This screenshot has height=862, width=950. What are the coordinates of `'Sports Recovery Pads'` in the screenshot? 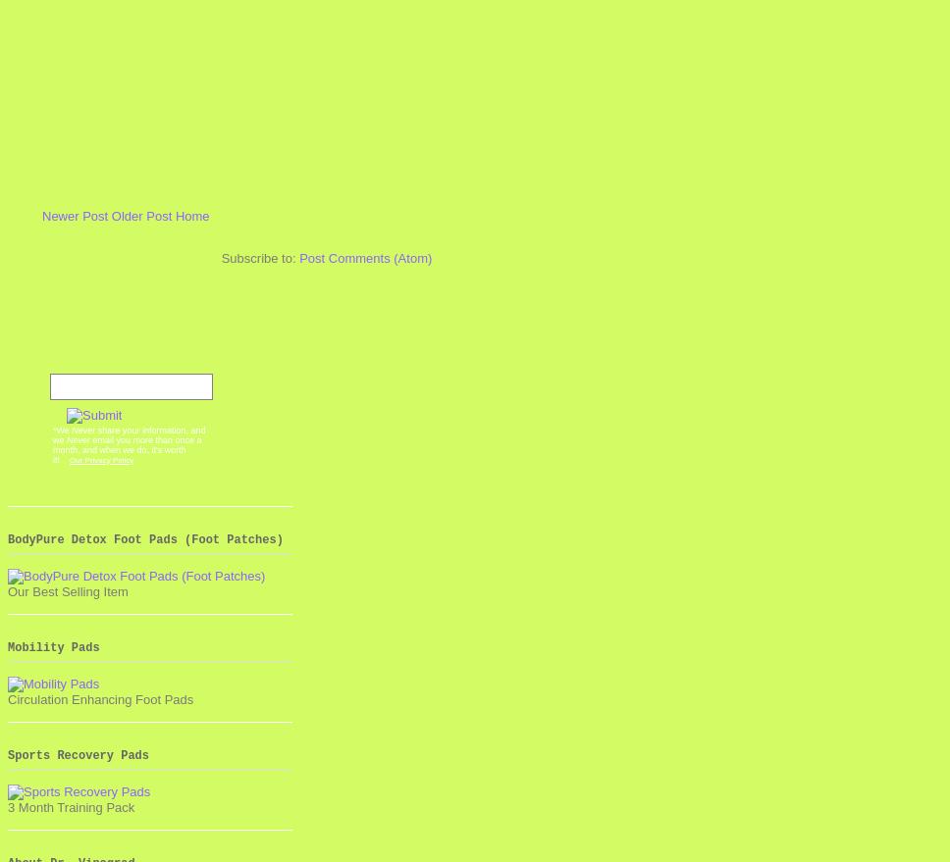 It's located at (77, 755).